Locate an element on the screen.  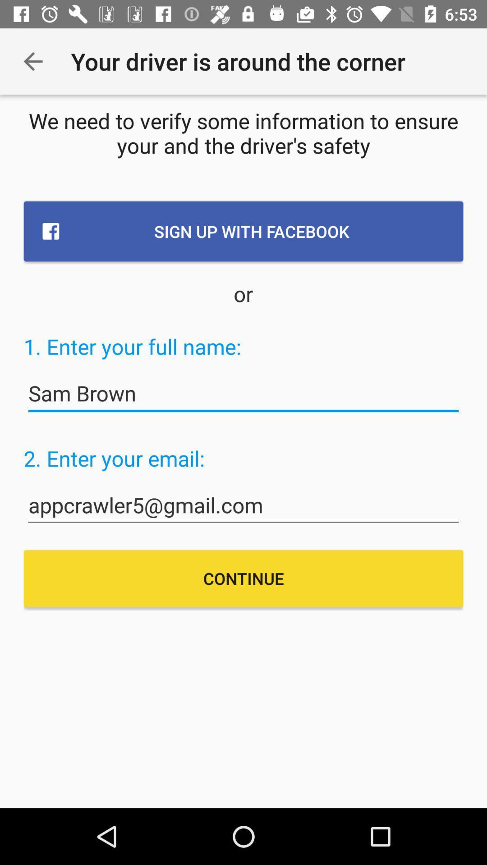
icon at the top left corner is located at coordinates (32, 61).